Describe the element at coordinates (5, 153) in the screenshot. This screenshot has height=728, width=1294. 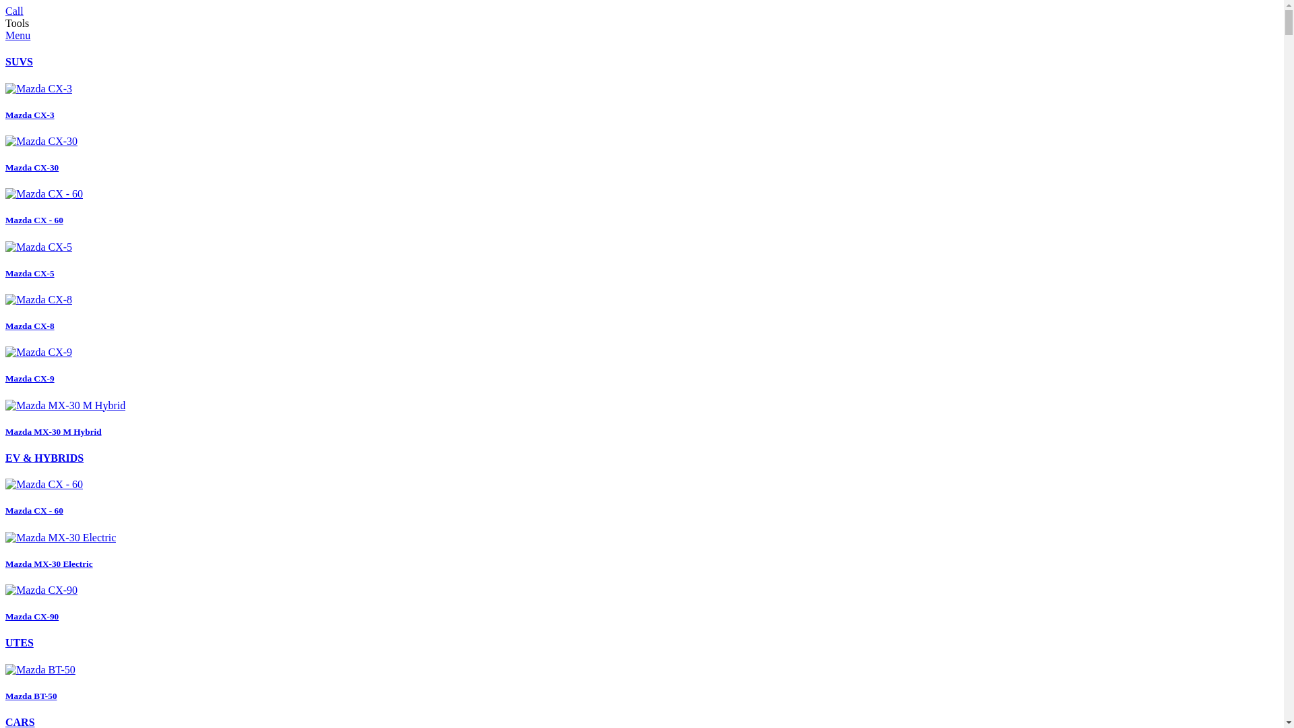
I see `'Mazda CX-30'` at that location.